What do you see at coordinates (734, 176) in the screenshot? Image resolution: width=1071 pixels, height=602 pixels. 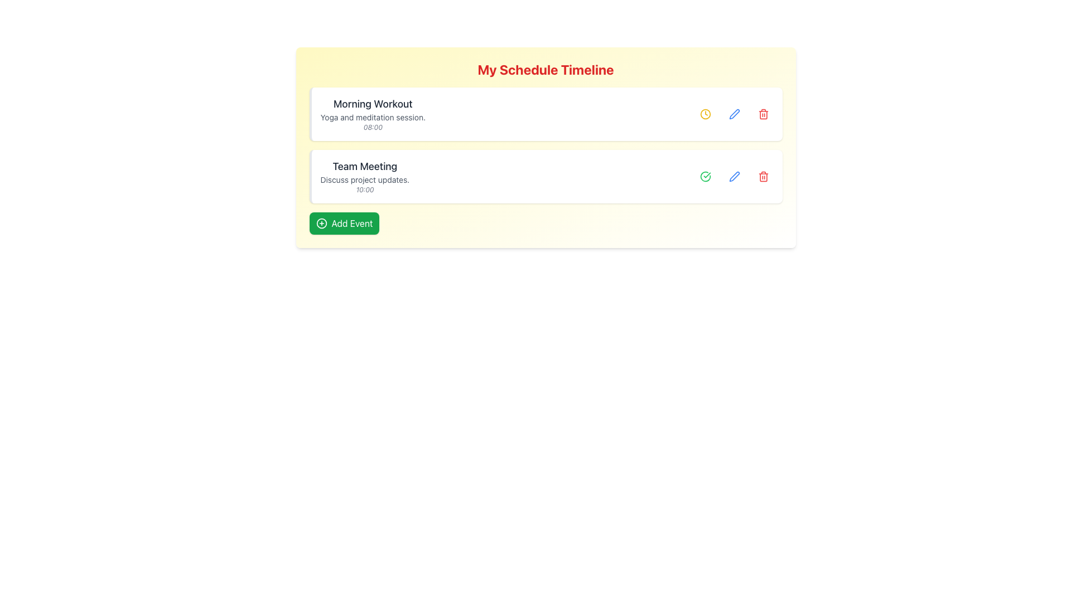 I see `the middle icon in the rightmost portion of the 'Team Meeting' card` at bounding box center [734, 176].